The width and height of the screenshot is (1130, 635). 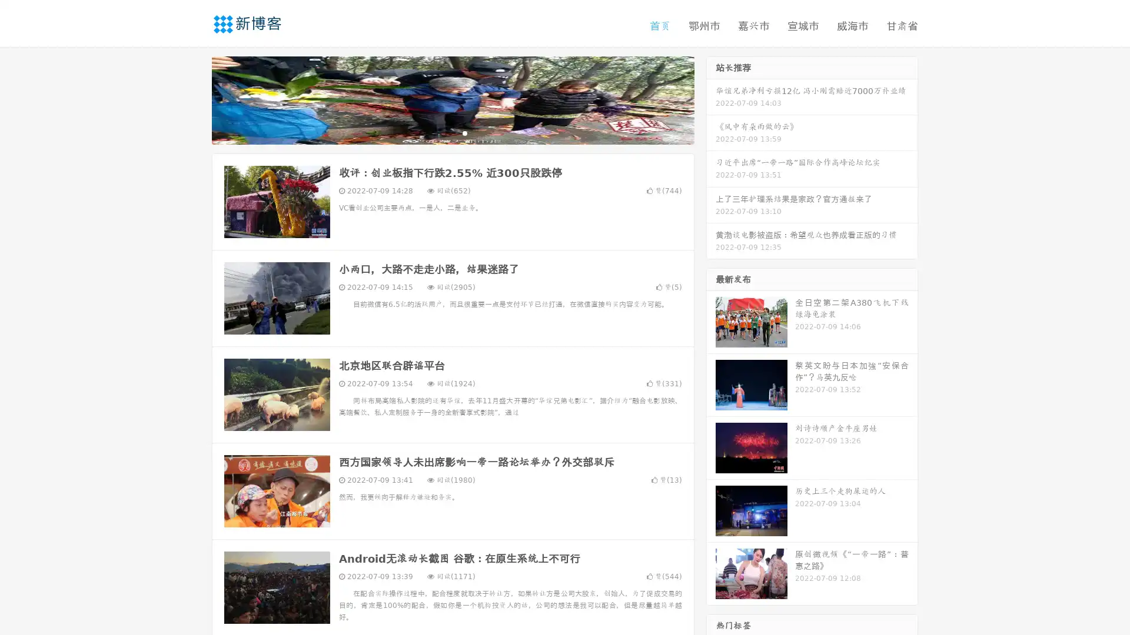 What do you see at coordinates (452, 132) in the screenshot?
I see `Go to slide 2` at bounding box center [452, 132].